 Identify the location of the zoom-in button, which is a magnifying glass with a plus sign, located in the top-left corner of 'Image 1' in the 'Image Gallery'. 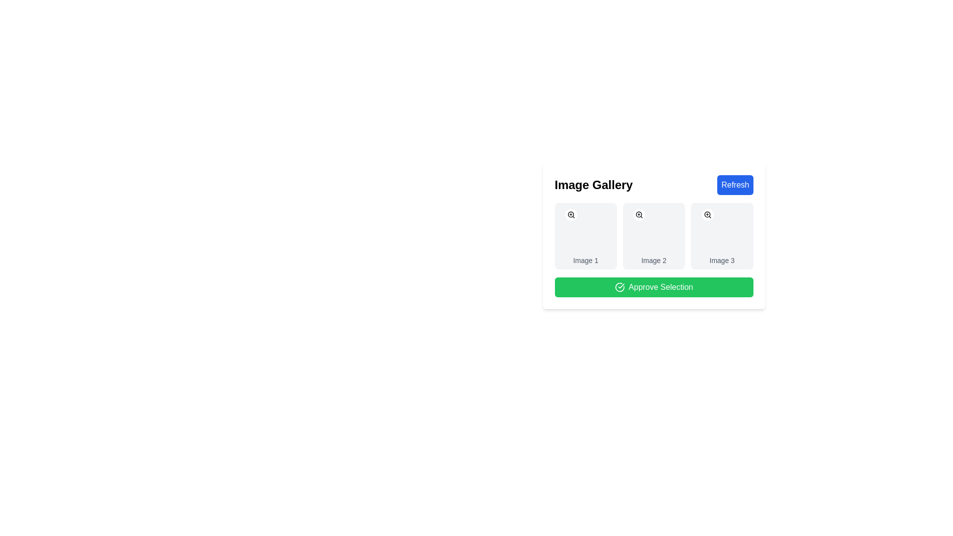
(571, 214).